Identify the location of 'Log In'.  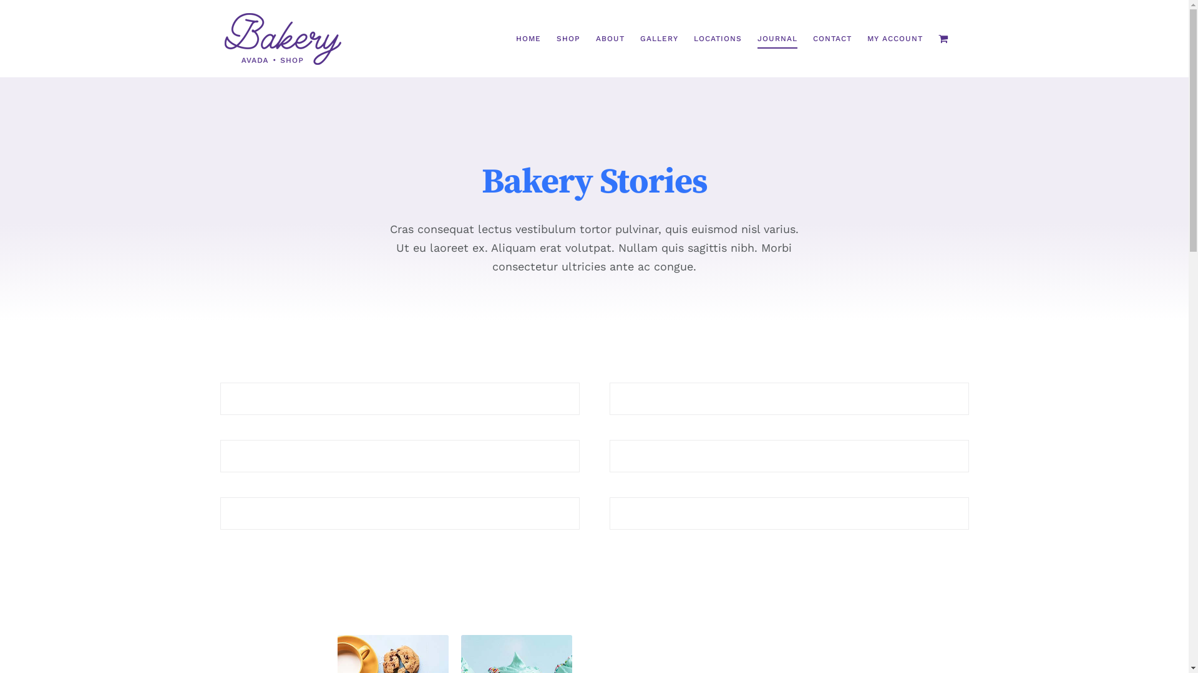
(947, 189).